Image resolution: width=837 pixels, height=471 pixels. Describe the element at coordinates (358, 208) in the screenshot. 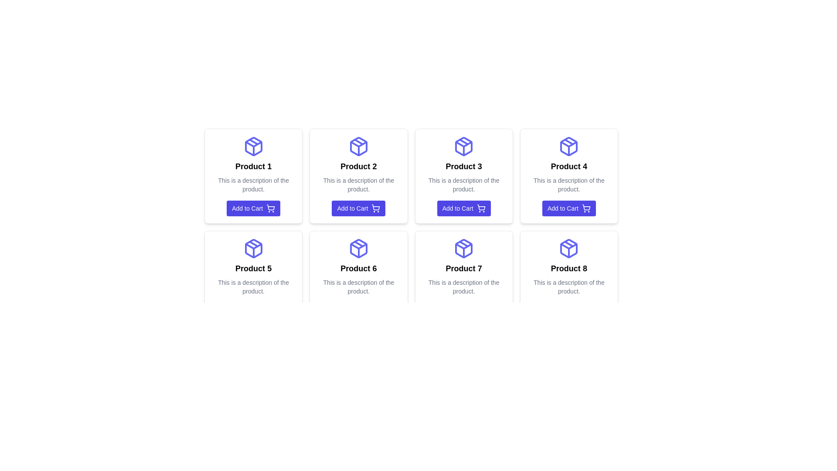

I see `the 'Add to Cart' button for 'Product 2' located at the bottom center of the product card` at that location.